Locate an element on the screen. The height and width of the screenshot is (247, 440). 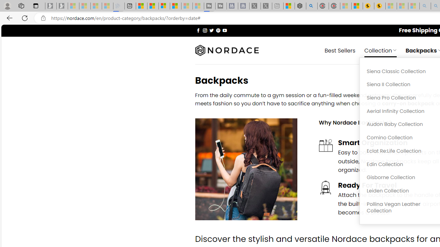
'Streaming Coverage | T3 - Sleeping' is located at coordinates (209, 6).